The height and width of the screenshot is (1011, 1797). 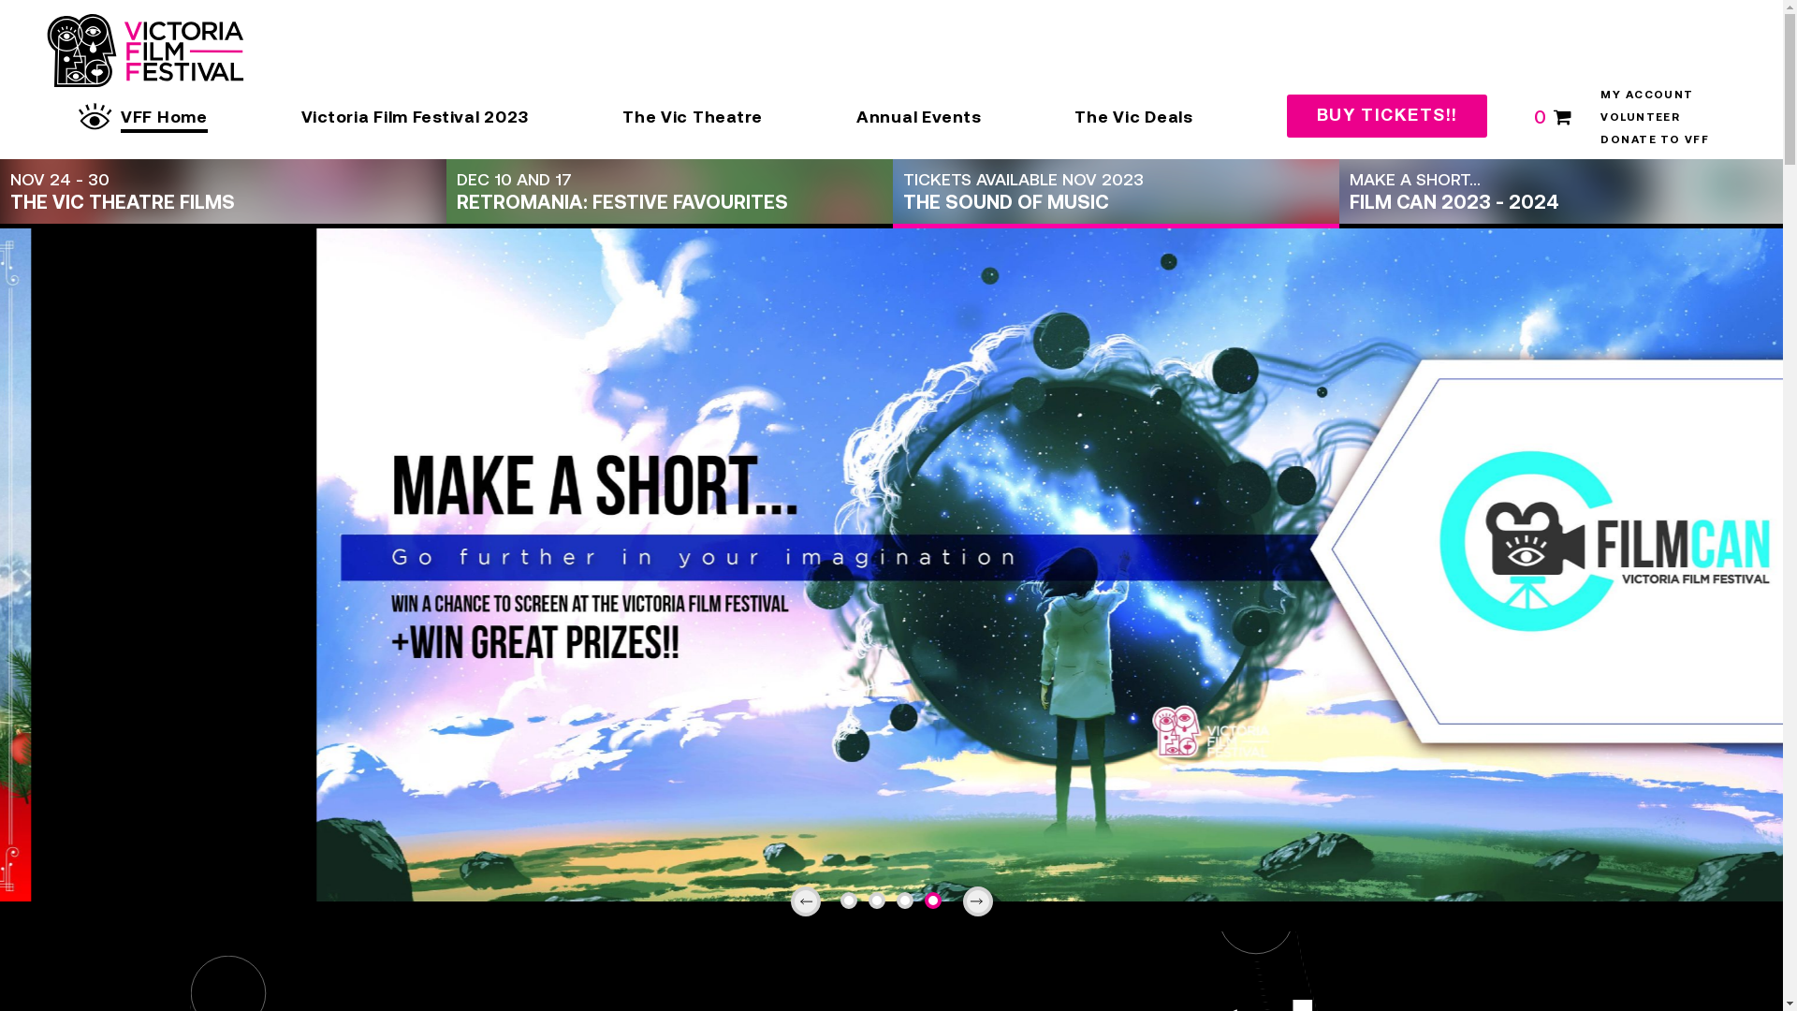 What do you see at coordinates (691, 115) in the screenshot?
I see `'The Vic Theatre'` at bounding box center [691, 115].